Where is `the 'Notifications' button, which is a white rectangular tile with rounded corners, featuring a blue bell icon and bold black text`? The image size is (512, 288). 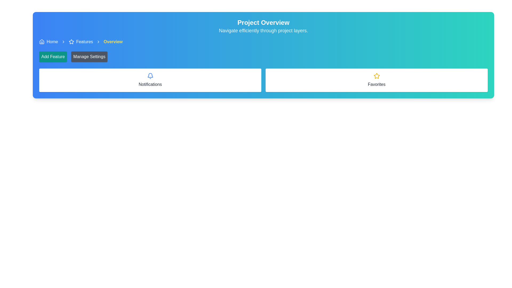
the 'Notifications' button, which is a white rectangular tile with rounded corners, featuring a blue bell icon and bold black text is located at coordinates (150, 80).